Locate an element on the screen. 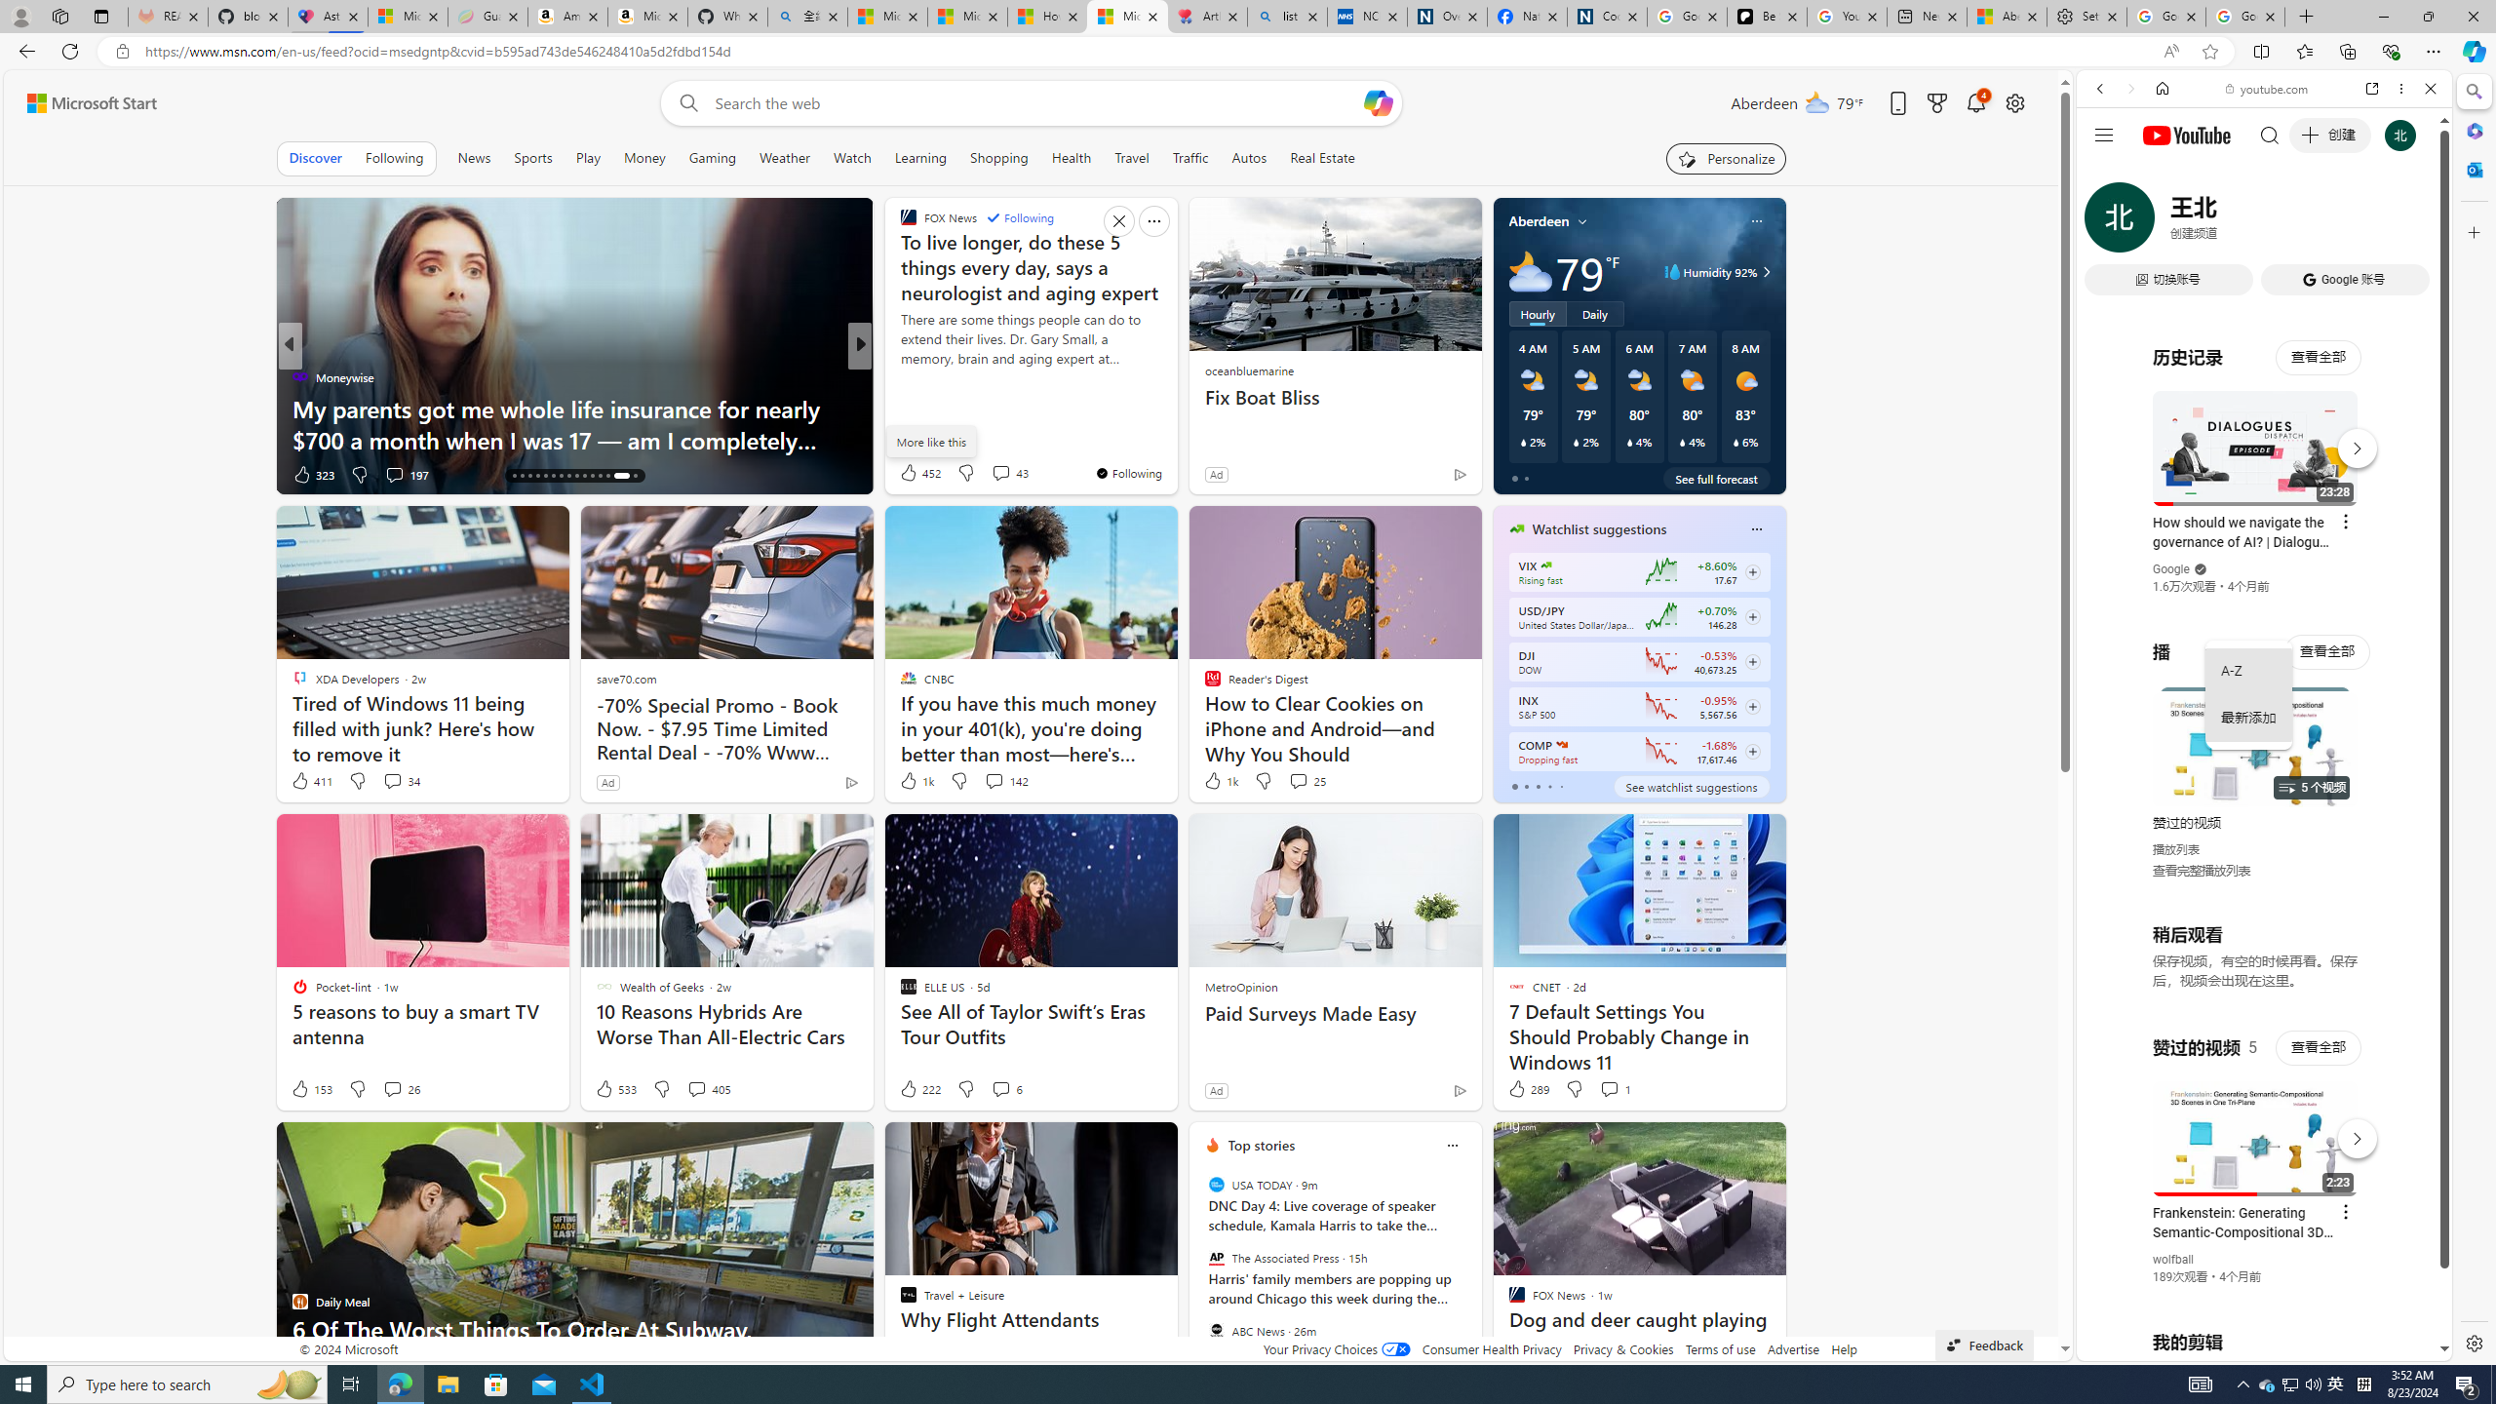 The width and height of the screenshot is (2496, 1404). 'Mostly cloudy' is located at coordinates (1530, 270).